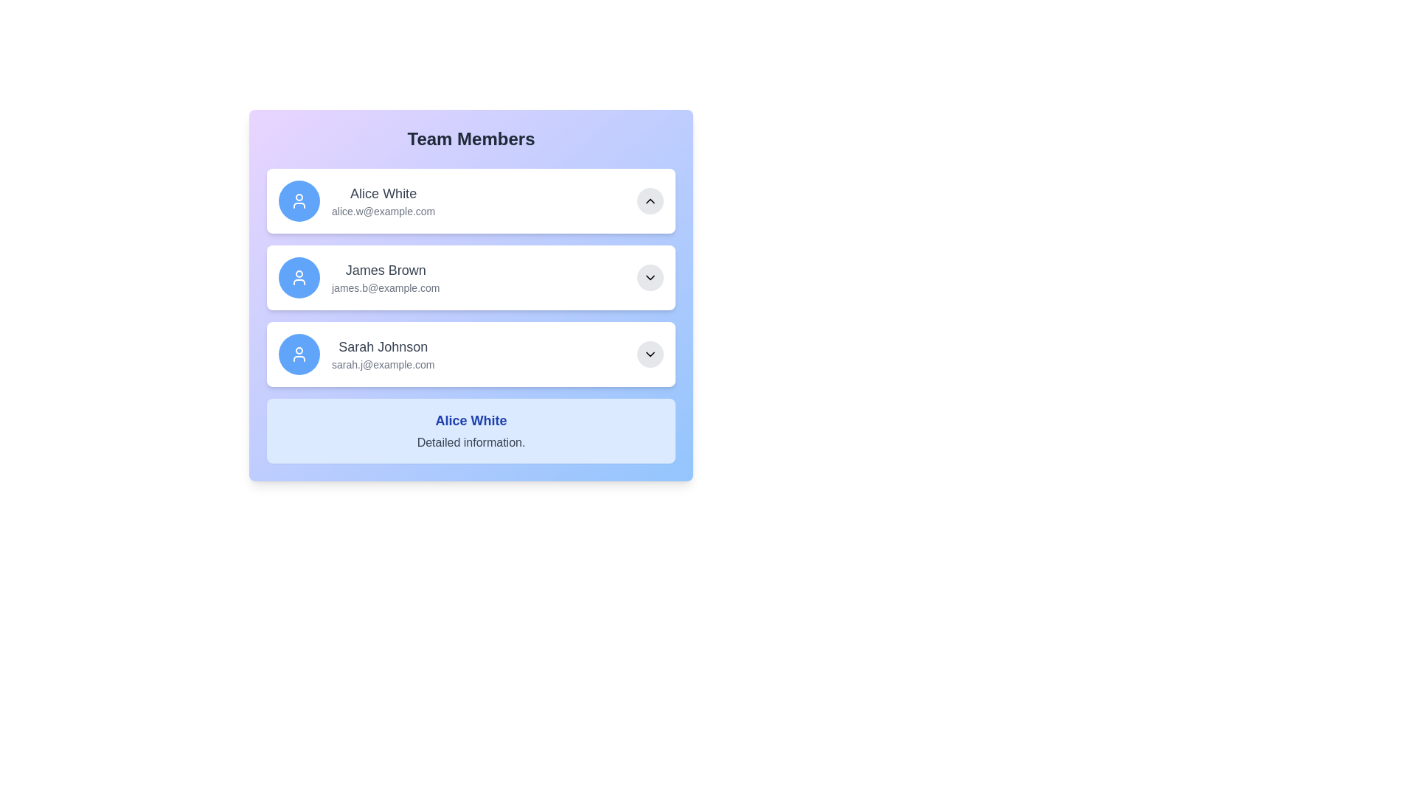  What do you see at coordinates (357, 201) in the screenshot?
I see `the topmost list item containing profile information of a team member, which includes their name and email address` at bounding box center [357, 201].